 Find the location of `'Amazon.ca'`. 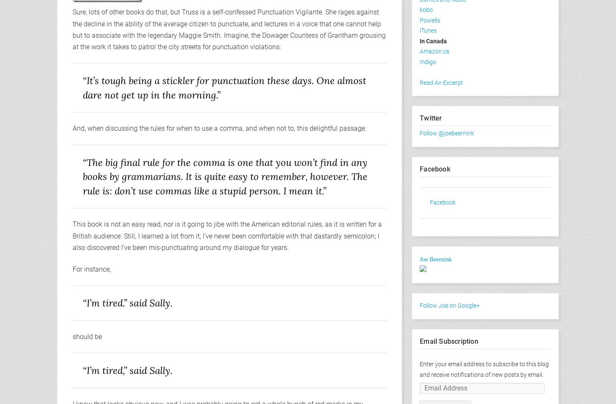

'Amazon.ca' is located at coordinates (434, 51).